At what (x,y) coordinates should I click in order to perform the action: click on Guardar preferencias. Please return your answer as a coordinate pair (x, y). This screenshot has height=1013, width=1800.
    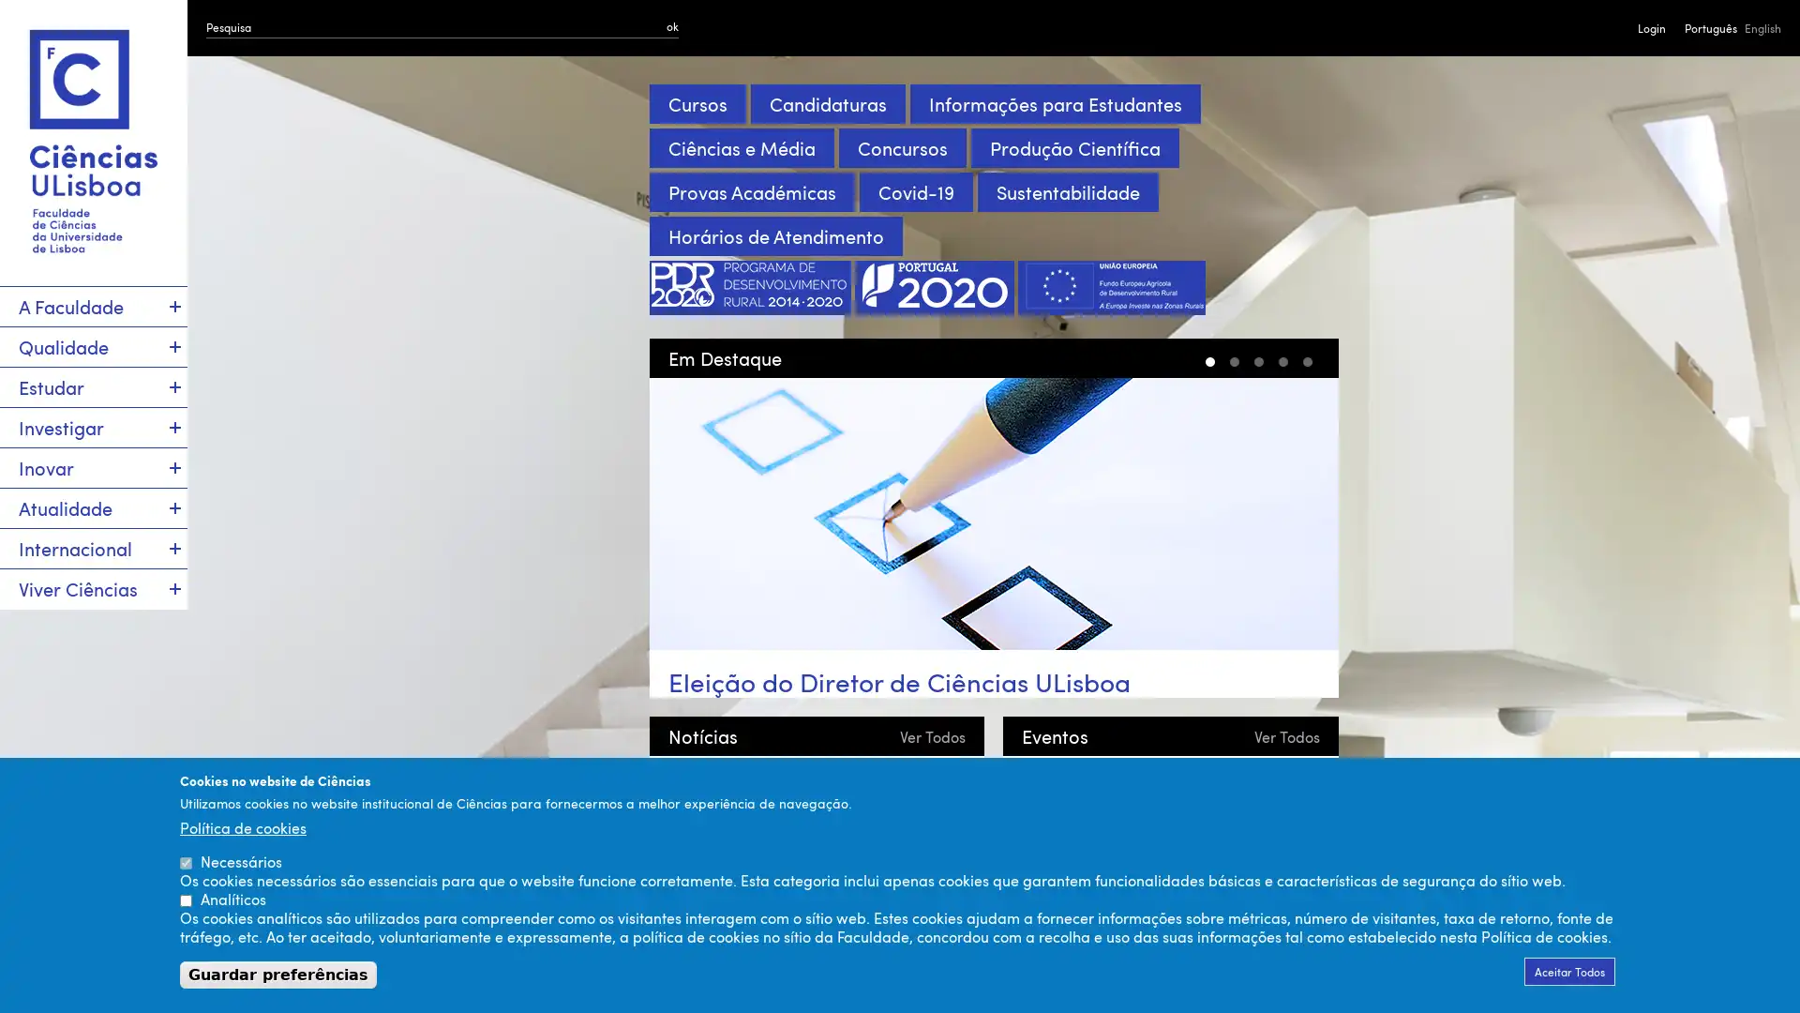
    Looking at the image, I should click on (277, 974).